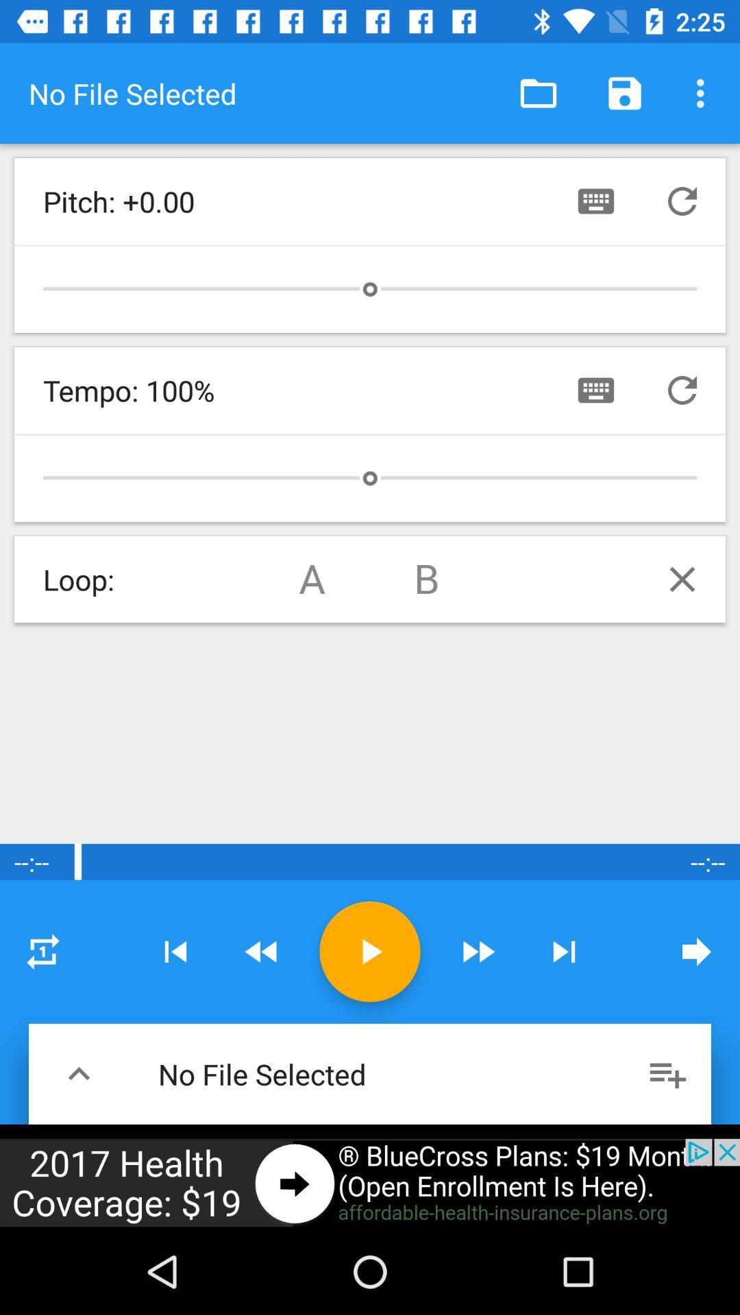 The width and height of the screenshot is (740, 1315). What do you see at coordinates (79, 1073) in the screenshot?
I see `previous` at bounding box center [79, 1073].